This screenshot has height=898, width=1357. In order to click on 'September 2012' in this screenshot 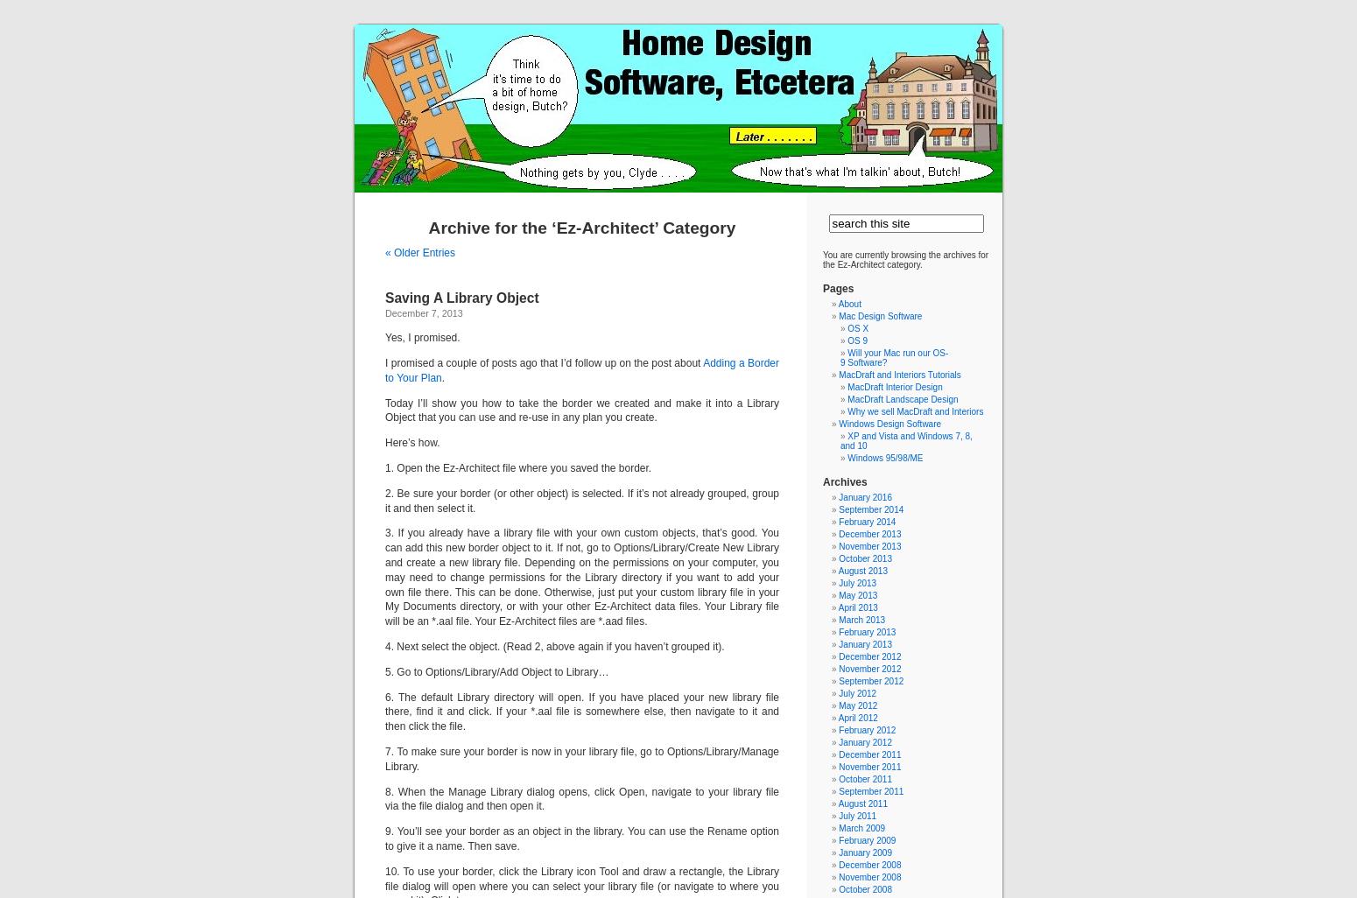, I will do `click(869, 680)`.